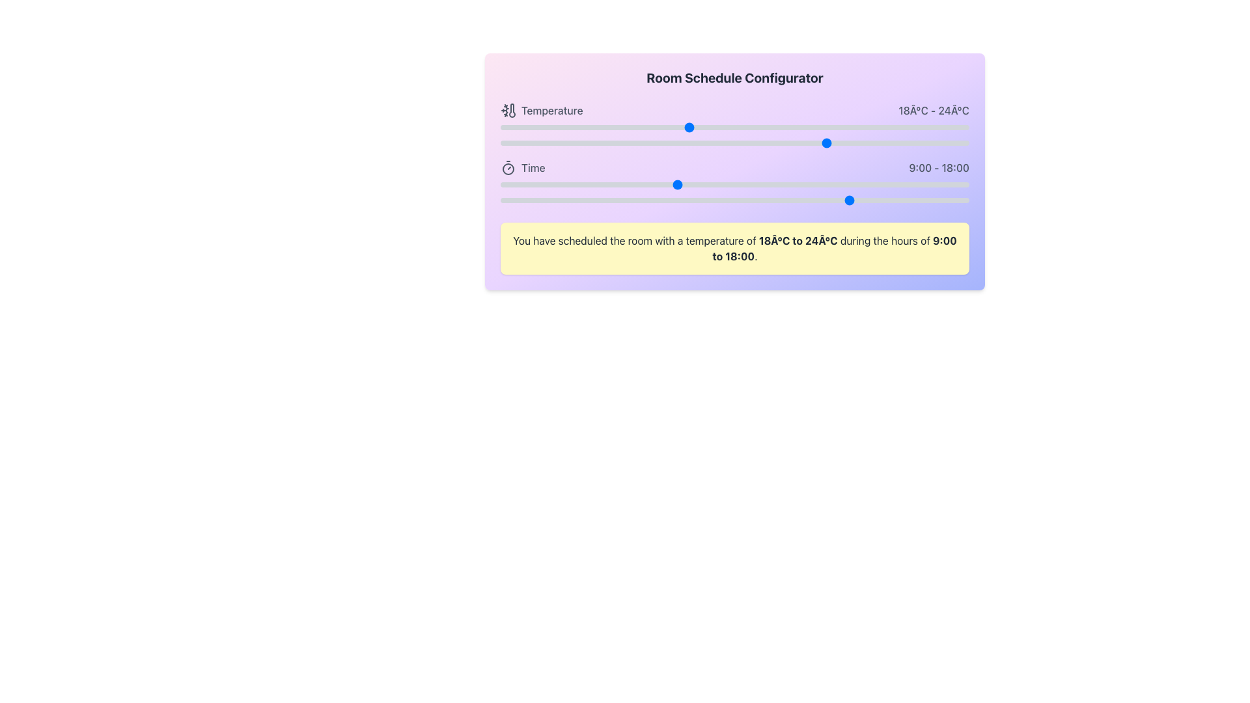 Image resolution: width=1250 pixels, height=703 pixels. Describe the element at coordinates (637, 185) in the screenshot. I see `the time` at that location.